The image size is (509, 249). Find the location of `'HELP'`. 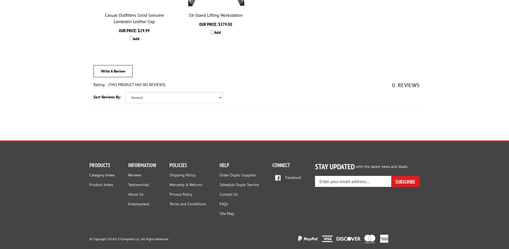

'HELP' is located at coordinates (224, 165).